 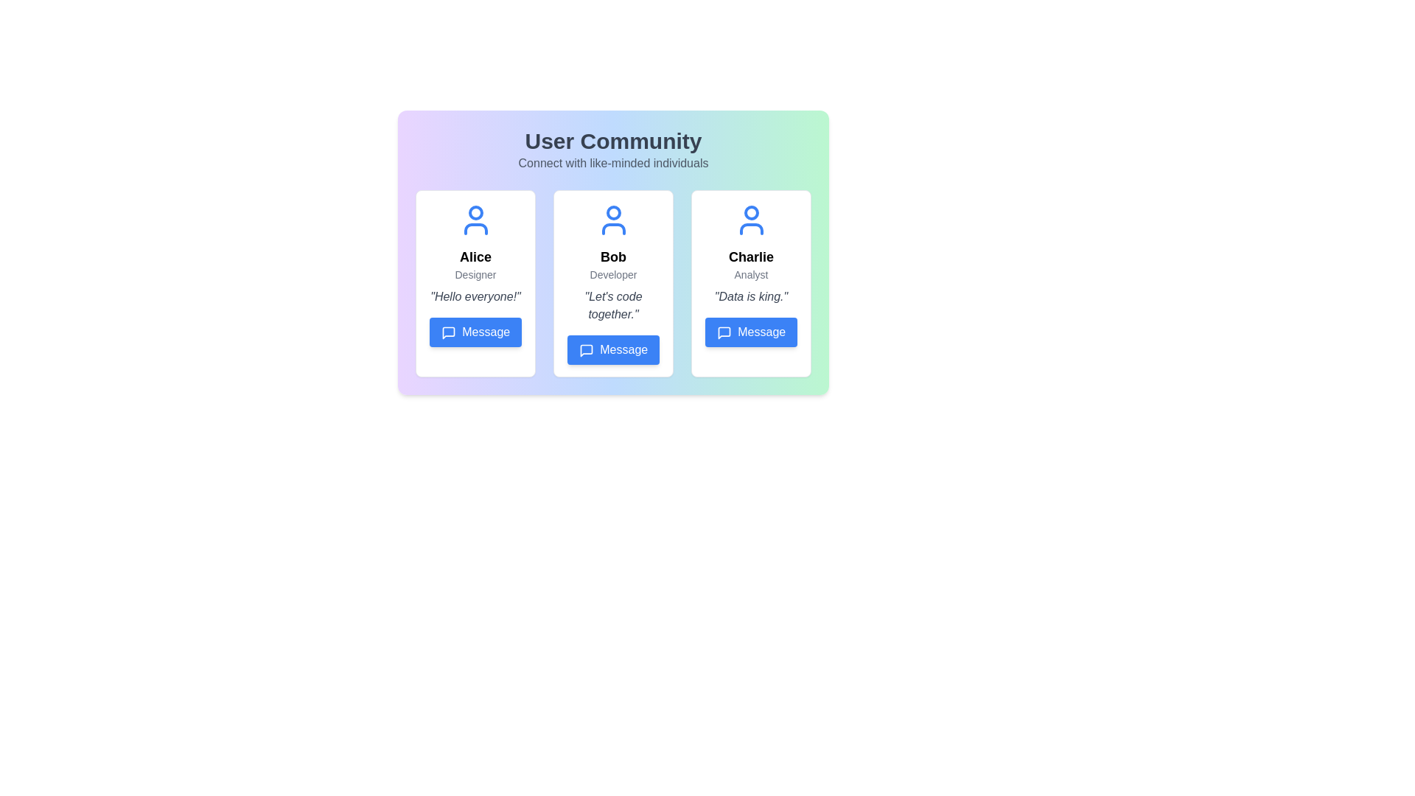 I want to click on the interactive button located beneath the text 'Hello everyone!' in Alice's user profile card to send a message, so click(x=475, y=332).